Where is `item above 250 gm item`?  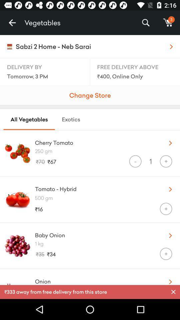
item above 250 gm item is located at coordinates (96, 141).